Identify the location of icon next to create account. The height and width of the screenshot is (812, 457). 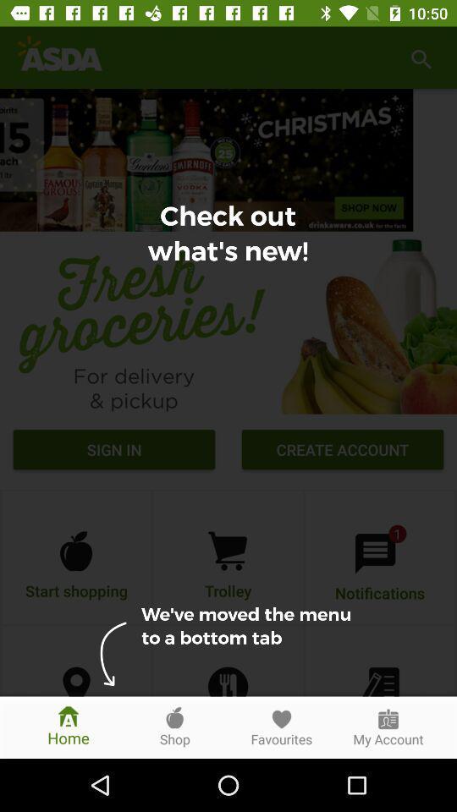
(114, 451).